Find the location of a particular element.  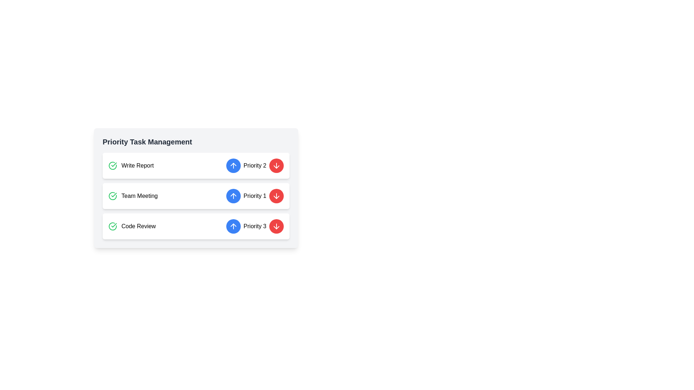

the Priority indicator and adjustment control group for 'Team Meeting' is located at coordinates (255, 196).